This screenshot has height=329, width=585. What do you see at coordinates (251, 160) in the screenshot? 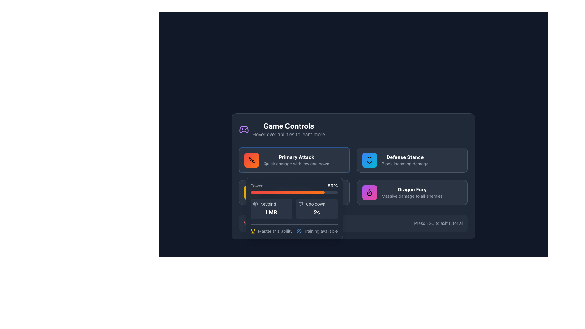
I see `the square button with rounded corners featuring a gradient from red to orange and a minimalist sword icon, located to the left of the 'Primary Attack' text` at bounding box center [251, 160].